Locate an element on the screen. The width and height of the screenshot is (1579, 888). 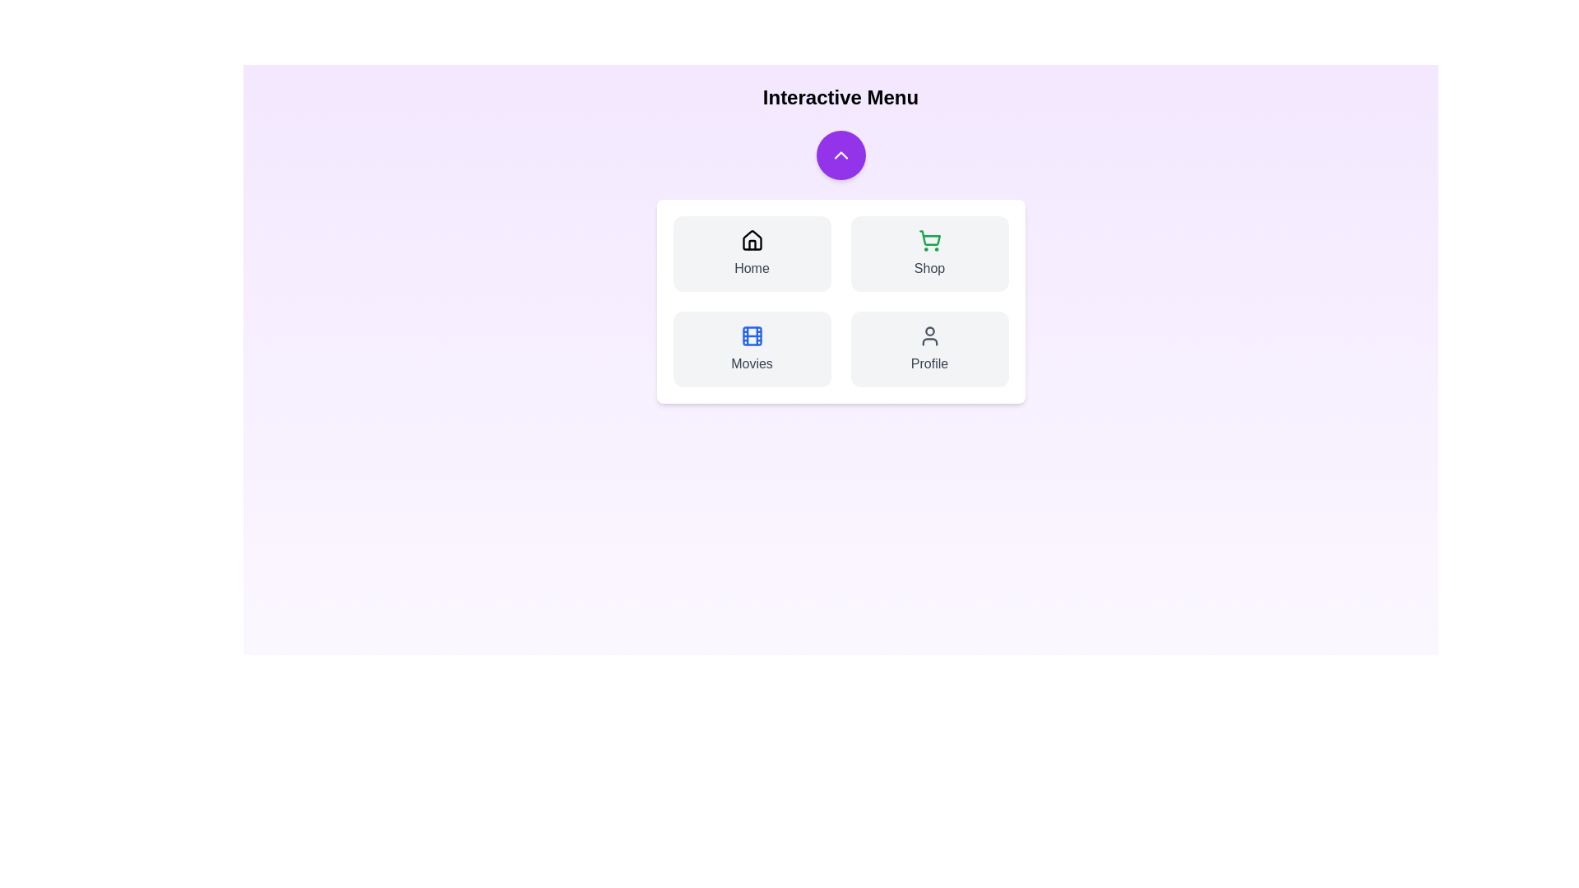
the text label of the menu item Home is located at coordinates (751, 268).